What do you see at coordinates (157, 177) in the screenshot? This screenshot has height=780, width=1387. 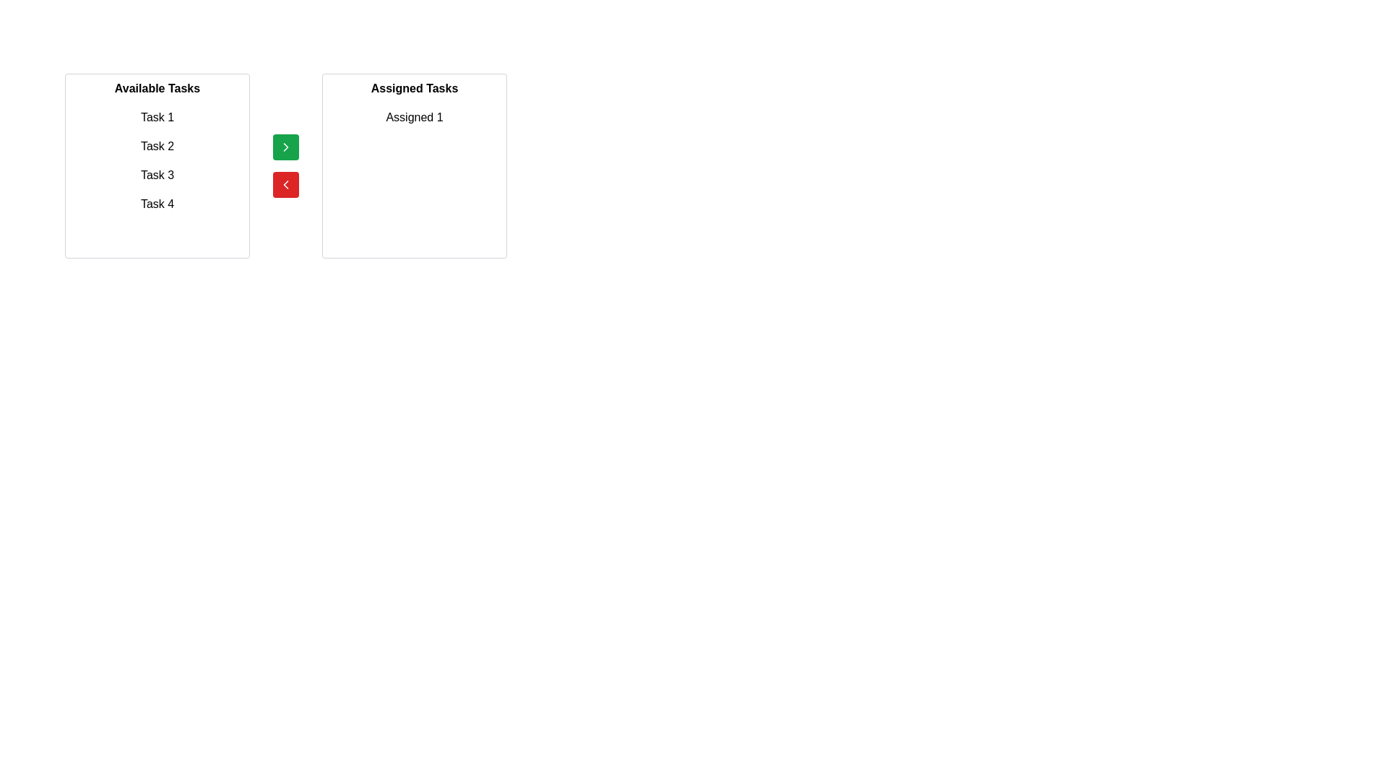 I see `the Scrollable List displaying available tasks located below the 'Available Tasks' header` at bounding box center [157, 177].